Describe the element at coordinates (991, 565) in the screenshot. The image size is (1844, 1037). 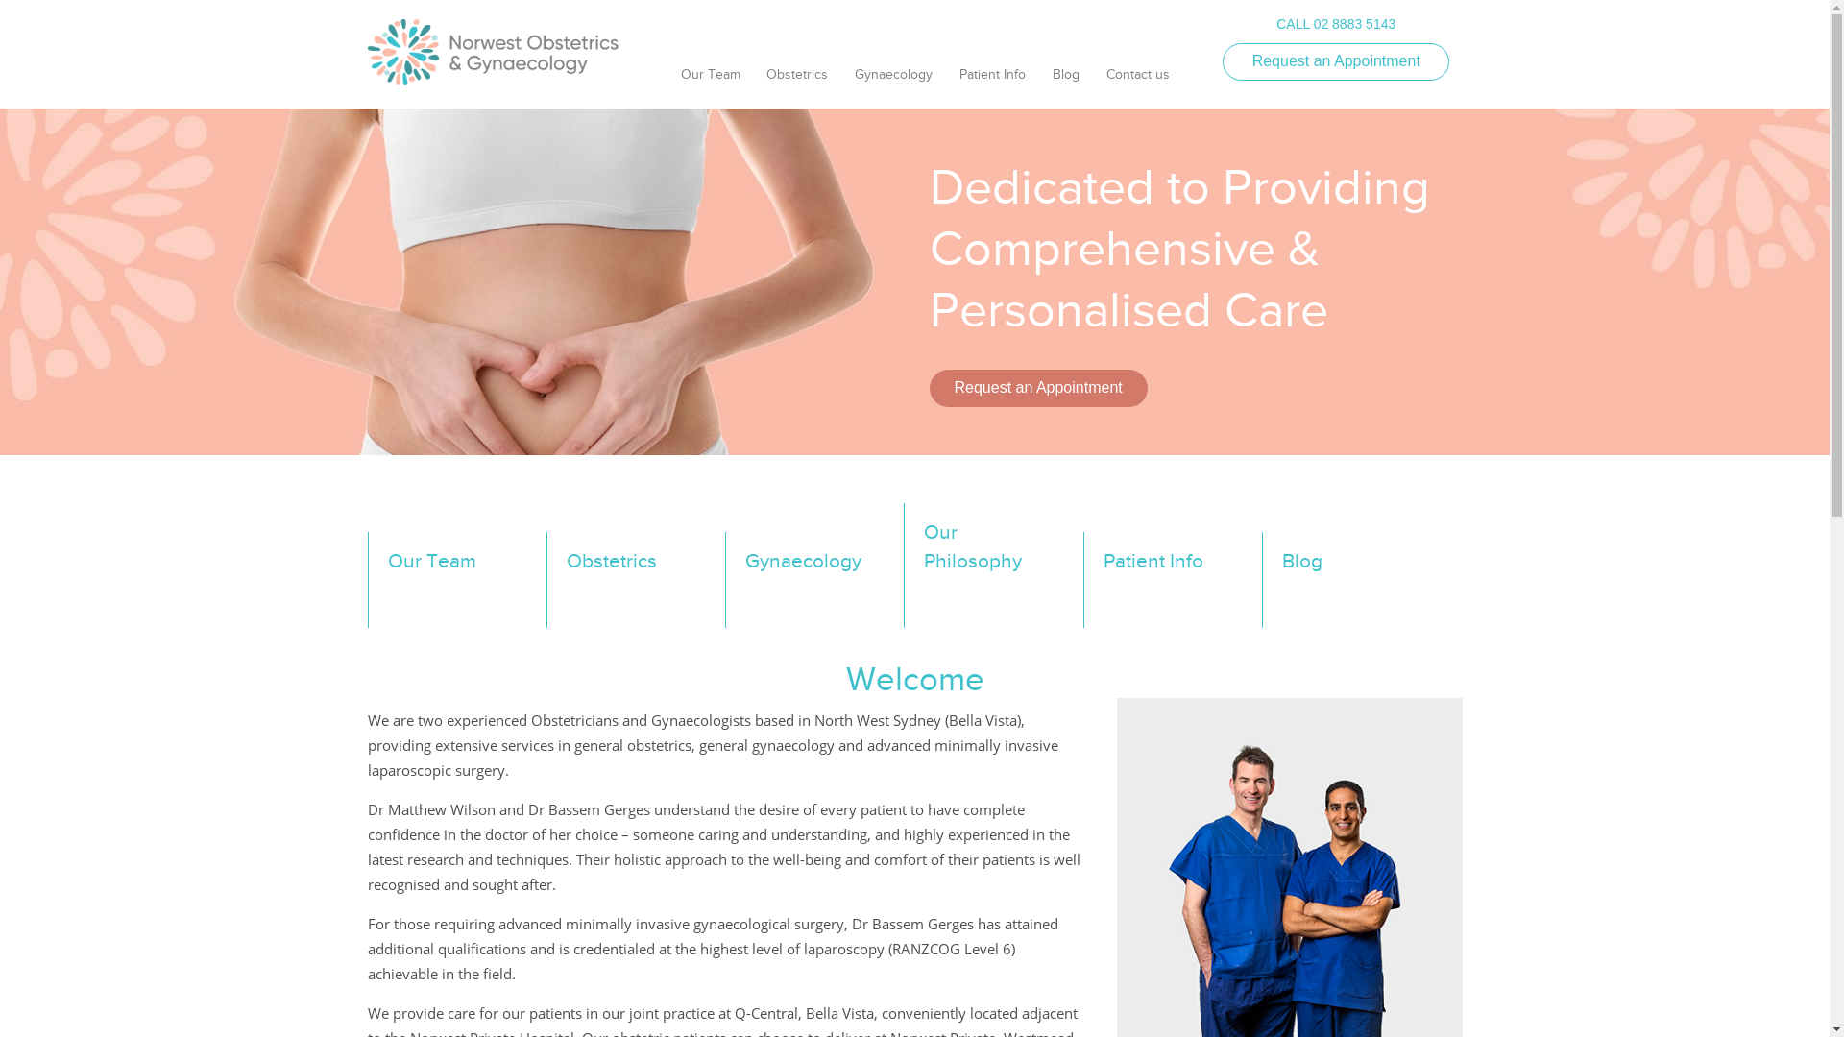
I see `'Our Philosophy'` at that location.